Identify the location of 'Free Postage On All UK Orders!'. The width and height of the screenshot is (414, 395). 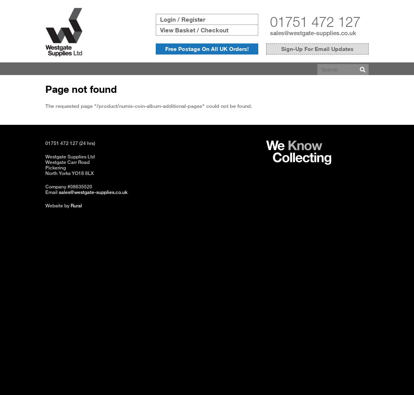
(207, 48).